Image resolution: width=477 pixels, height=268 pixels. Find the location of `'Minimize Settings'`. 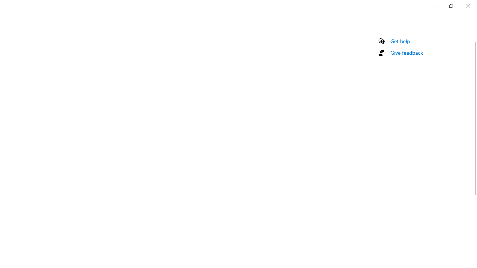

'Minimize Settings' is located at coordinates (434, 6).